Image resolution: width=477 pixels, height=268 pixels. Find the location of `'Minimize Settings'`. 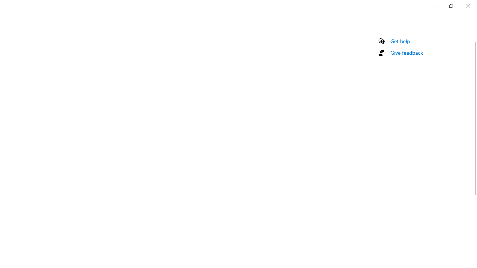

'Minimize Settings' is located at coordinates (434, 6).